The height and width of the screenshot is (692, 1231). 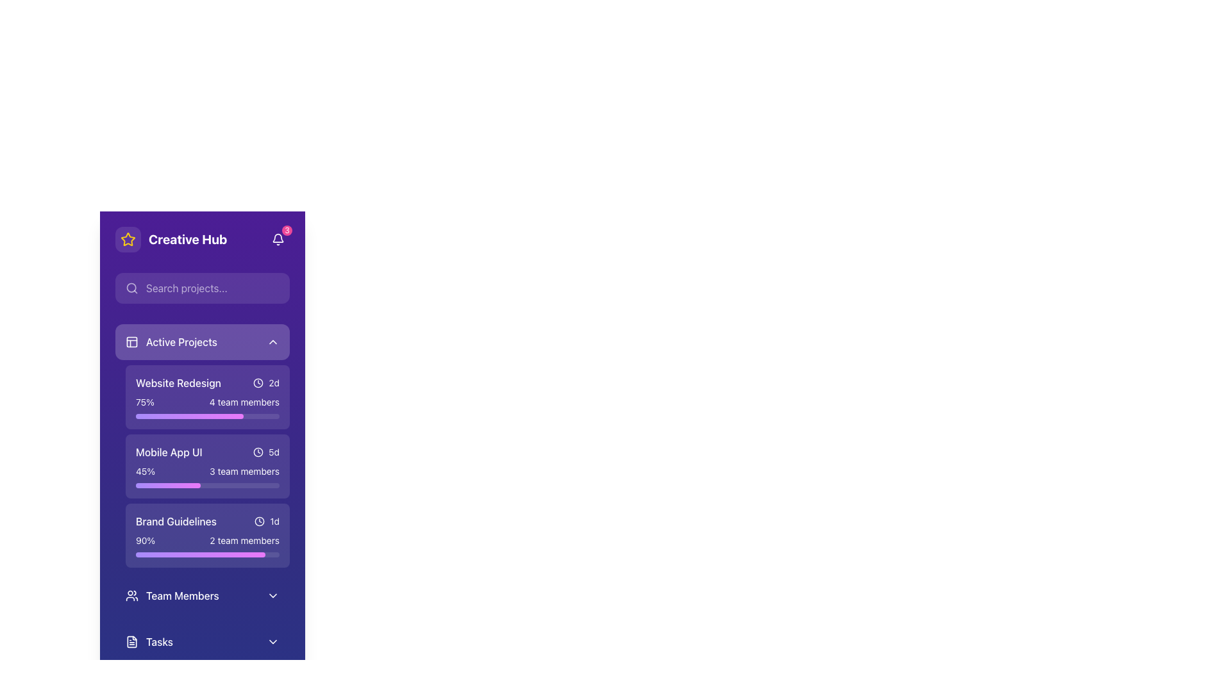 I want to click on the 'Active Projects' text label located in the navigation menu under 'Creative Hub', which is displayed in a medium-sized bold white font on a purple background, so click(x=181, y=341).